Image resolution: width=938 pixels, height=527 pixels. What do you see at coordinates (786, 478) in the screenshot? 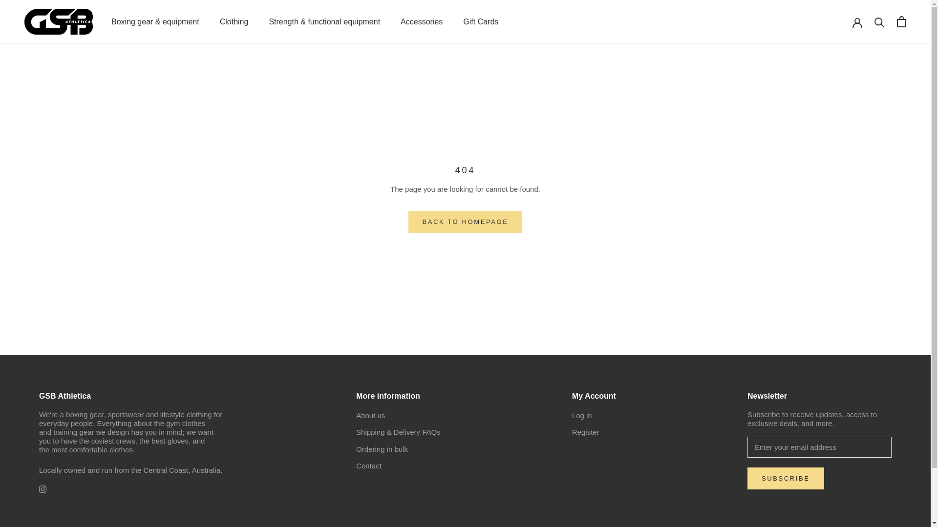
I see `'SUBSCRIBE'` at bounding box center [786, 478].